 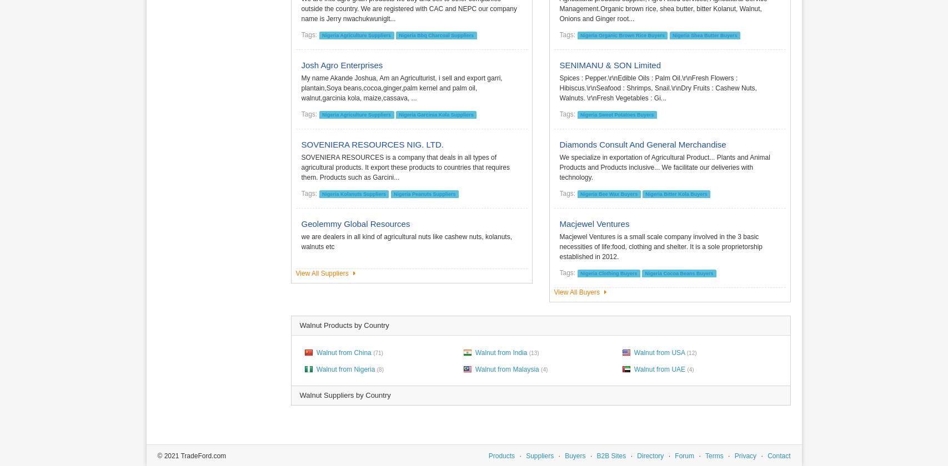 I want to click on '© 2021 TradeFord.com', so click(x=191, y=455).